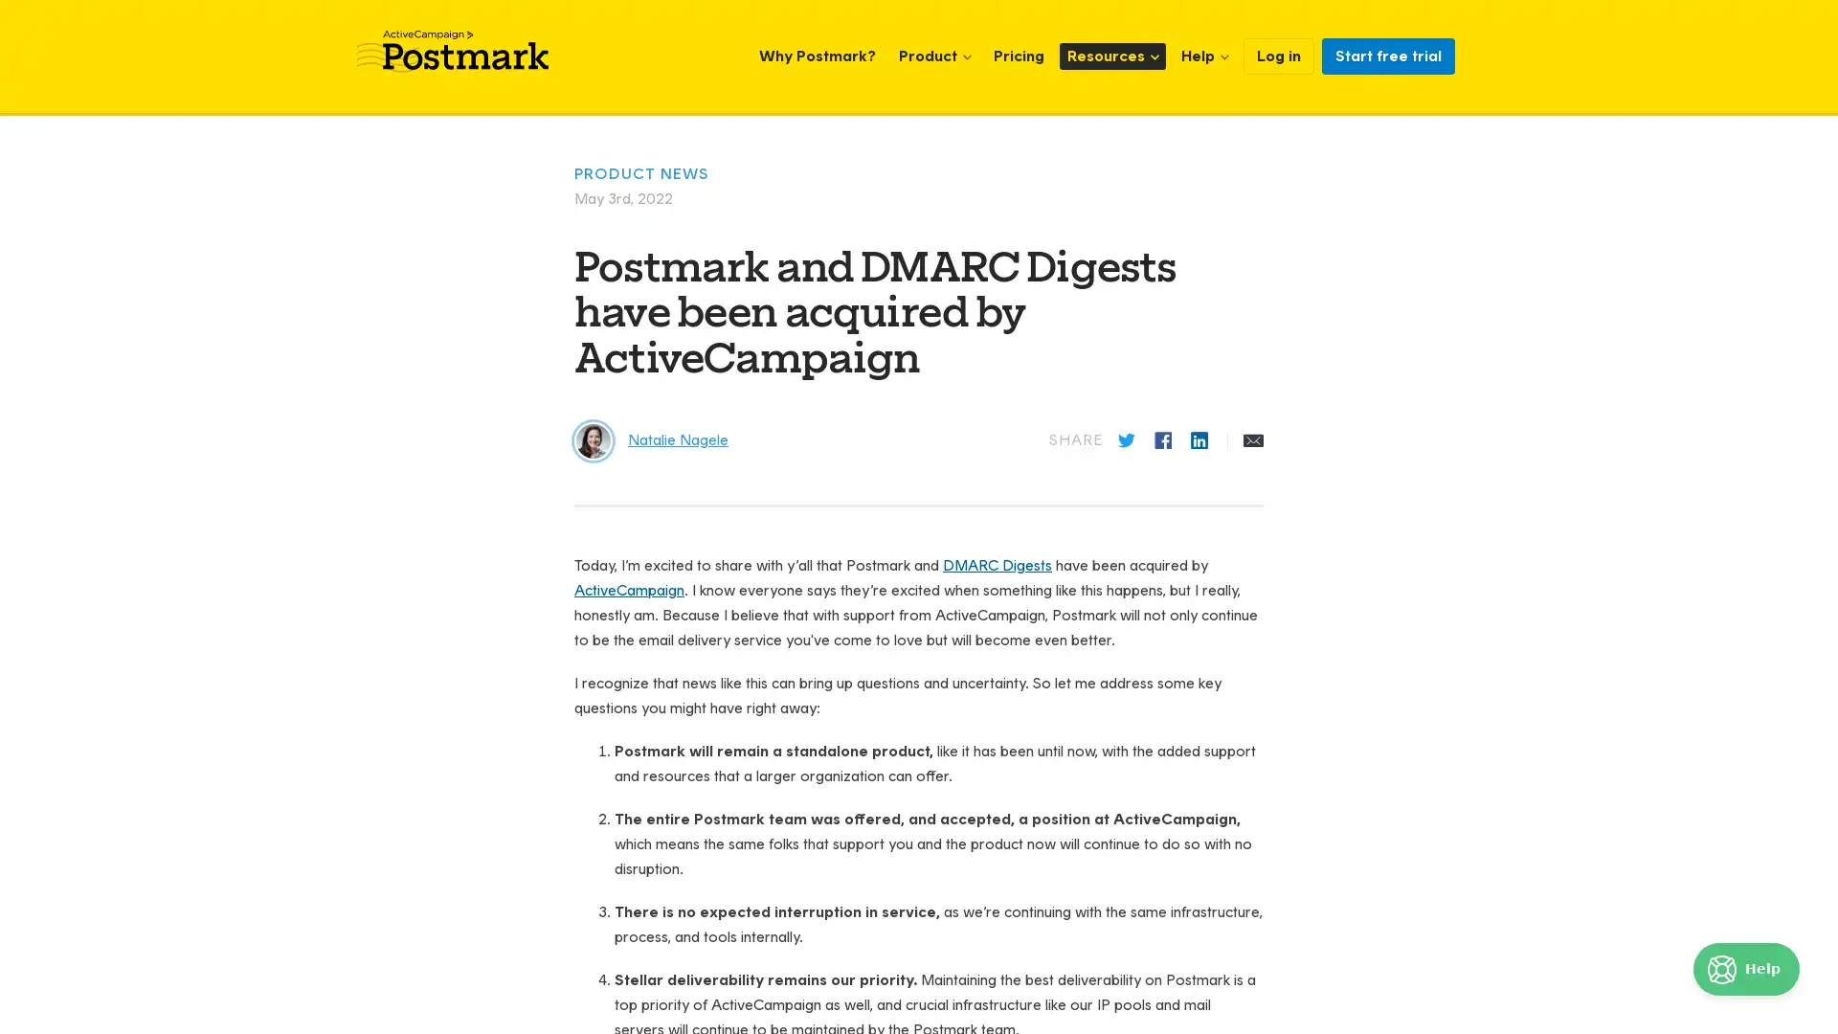 The width and height of the screenshot is (1838, 1034). I want to click on Help, so click(1746, 969).